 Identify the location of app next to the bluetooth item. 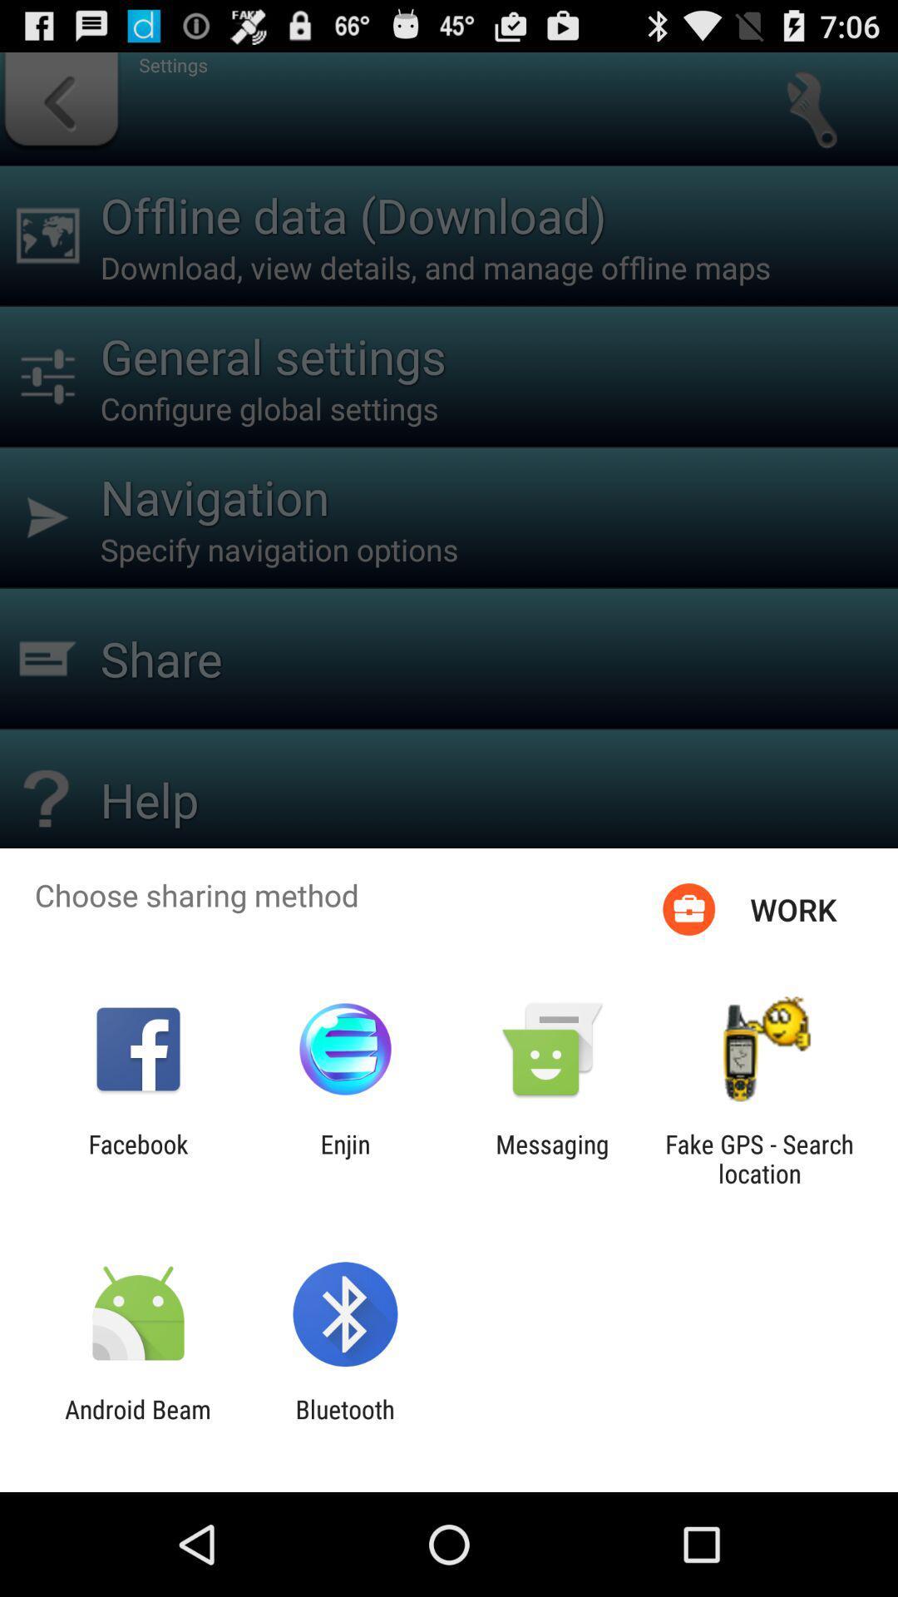
(137, 1423).